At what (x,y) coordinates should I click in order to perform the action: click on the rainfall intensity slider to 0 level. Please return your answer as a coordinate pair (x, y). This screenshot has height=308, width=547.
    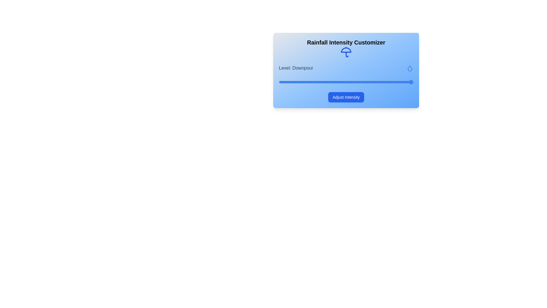
    Looking at the image, I should click on (279, 82).